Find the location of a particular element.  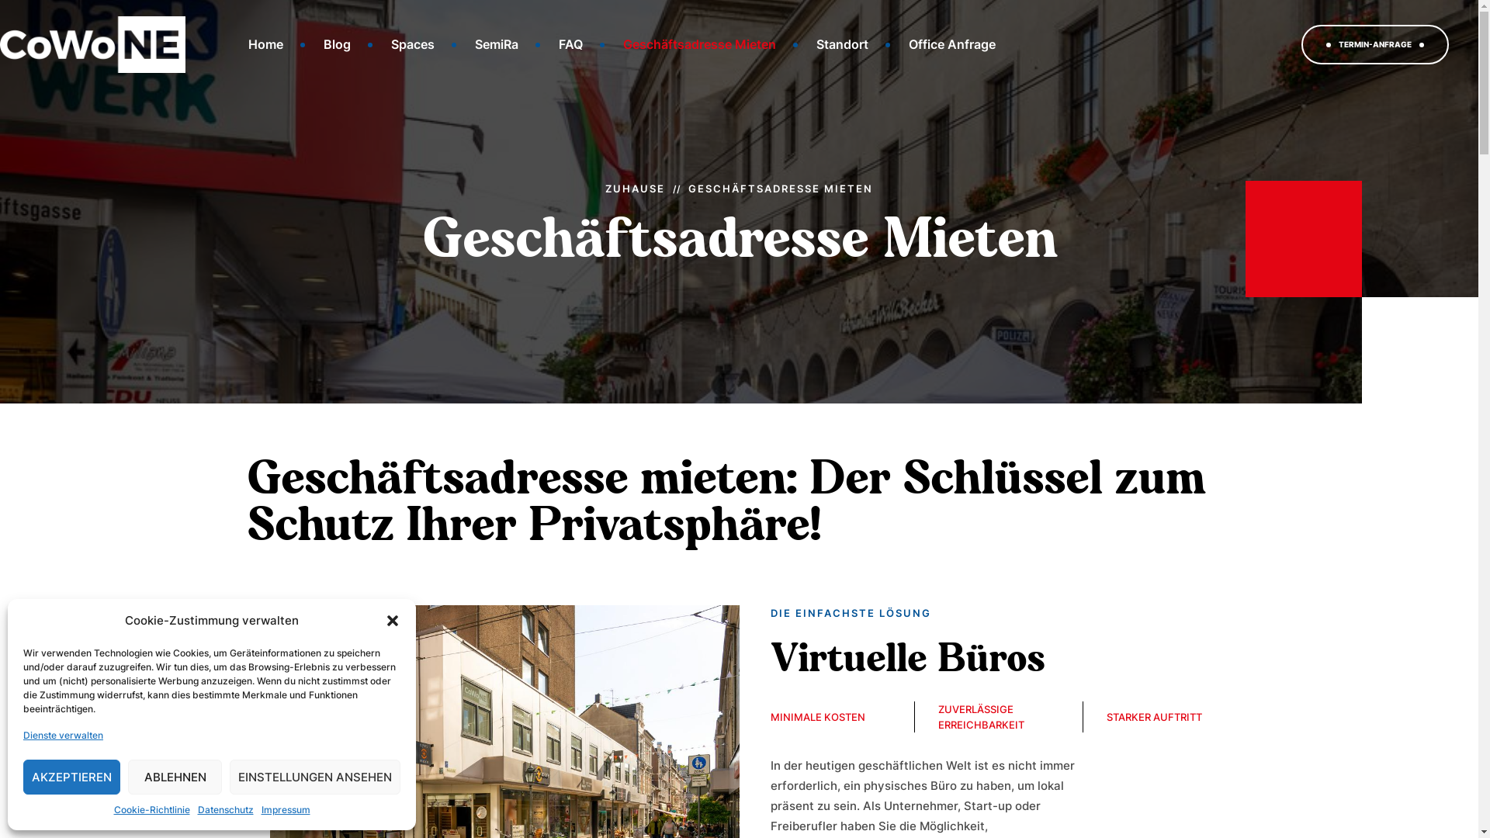

'Dienste verwalten' is located at coordinates (62, 735).